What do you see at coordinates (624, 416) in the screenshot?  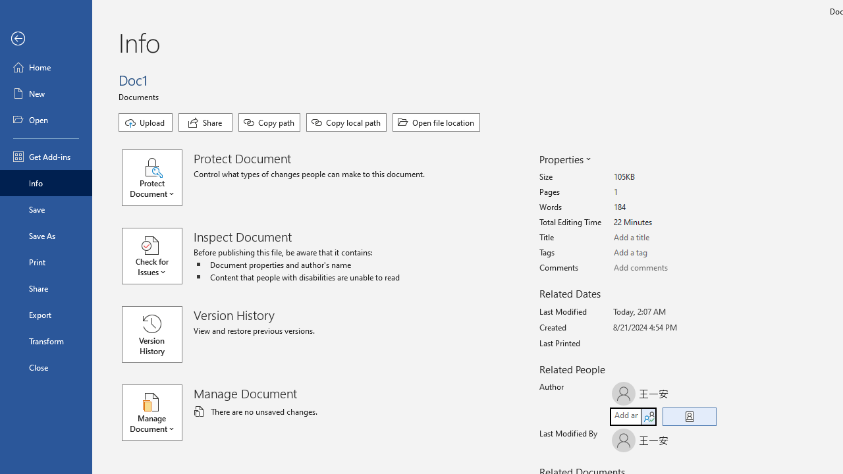 I see `'Add an author'` at bounding box center [624, 416].